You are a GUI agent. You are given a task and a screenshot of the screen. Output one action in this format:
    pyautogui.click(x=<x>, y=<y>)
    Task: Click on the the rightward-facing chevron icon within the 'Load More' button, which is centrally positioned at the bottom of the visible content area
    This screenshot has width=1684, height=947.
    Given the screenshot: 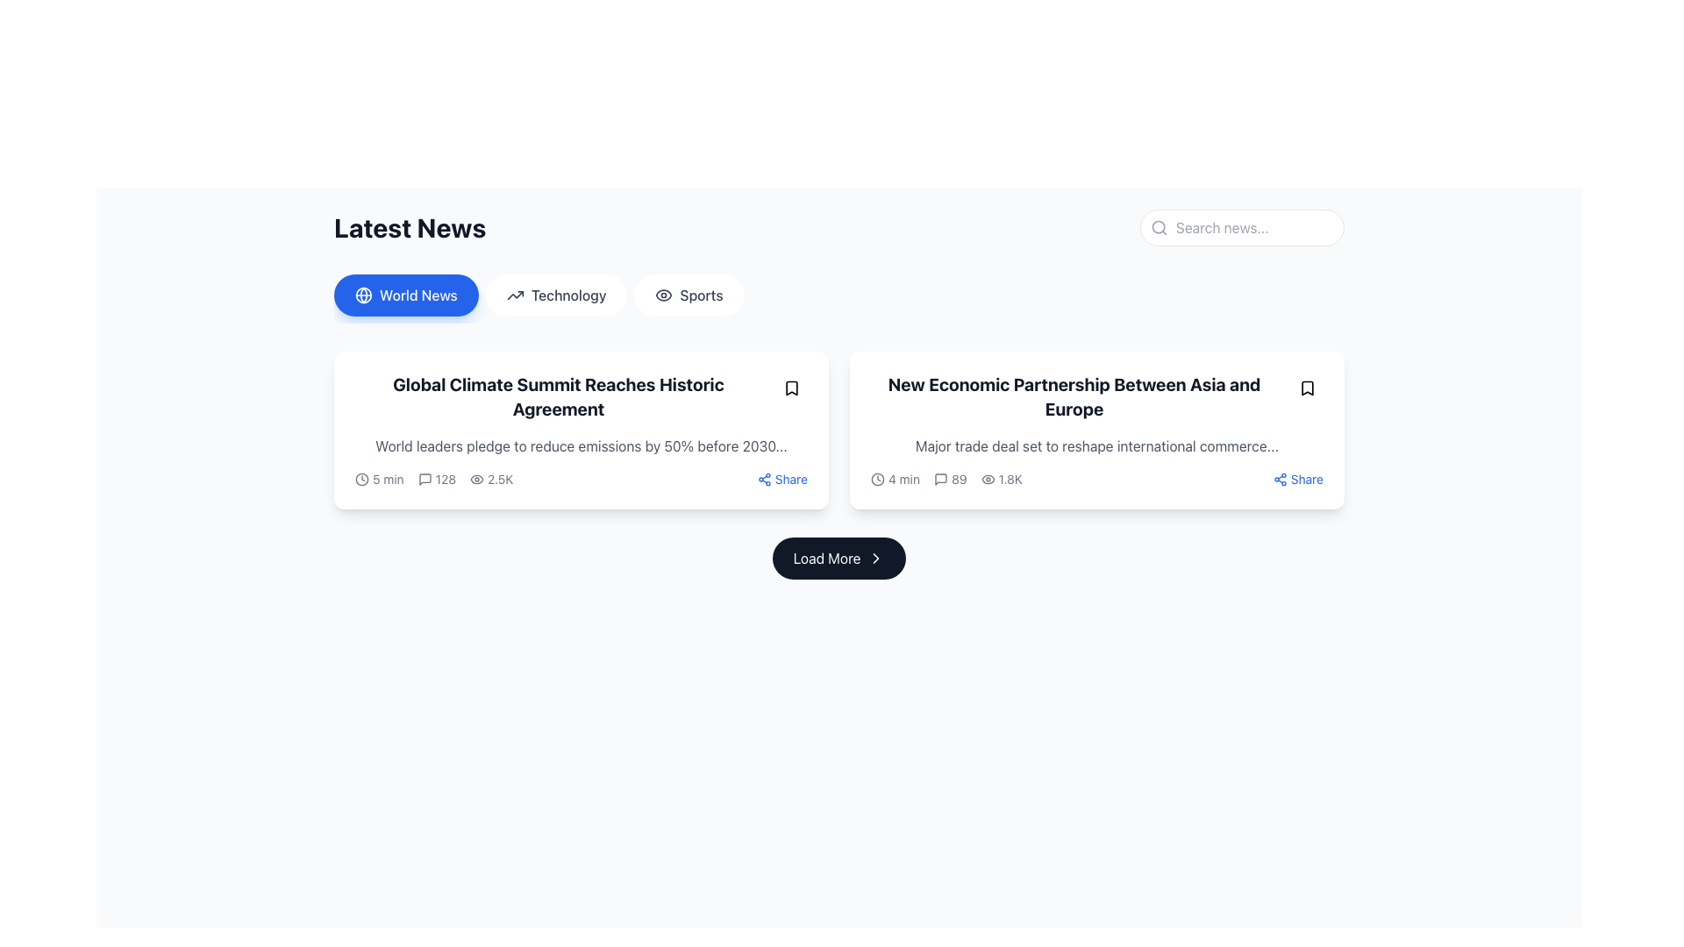 What is the action you would take?
    pyautogui.click(x=876, y=558)
    